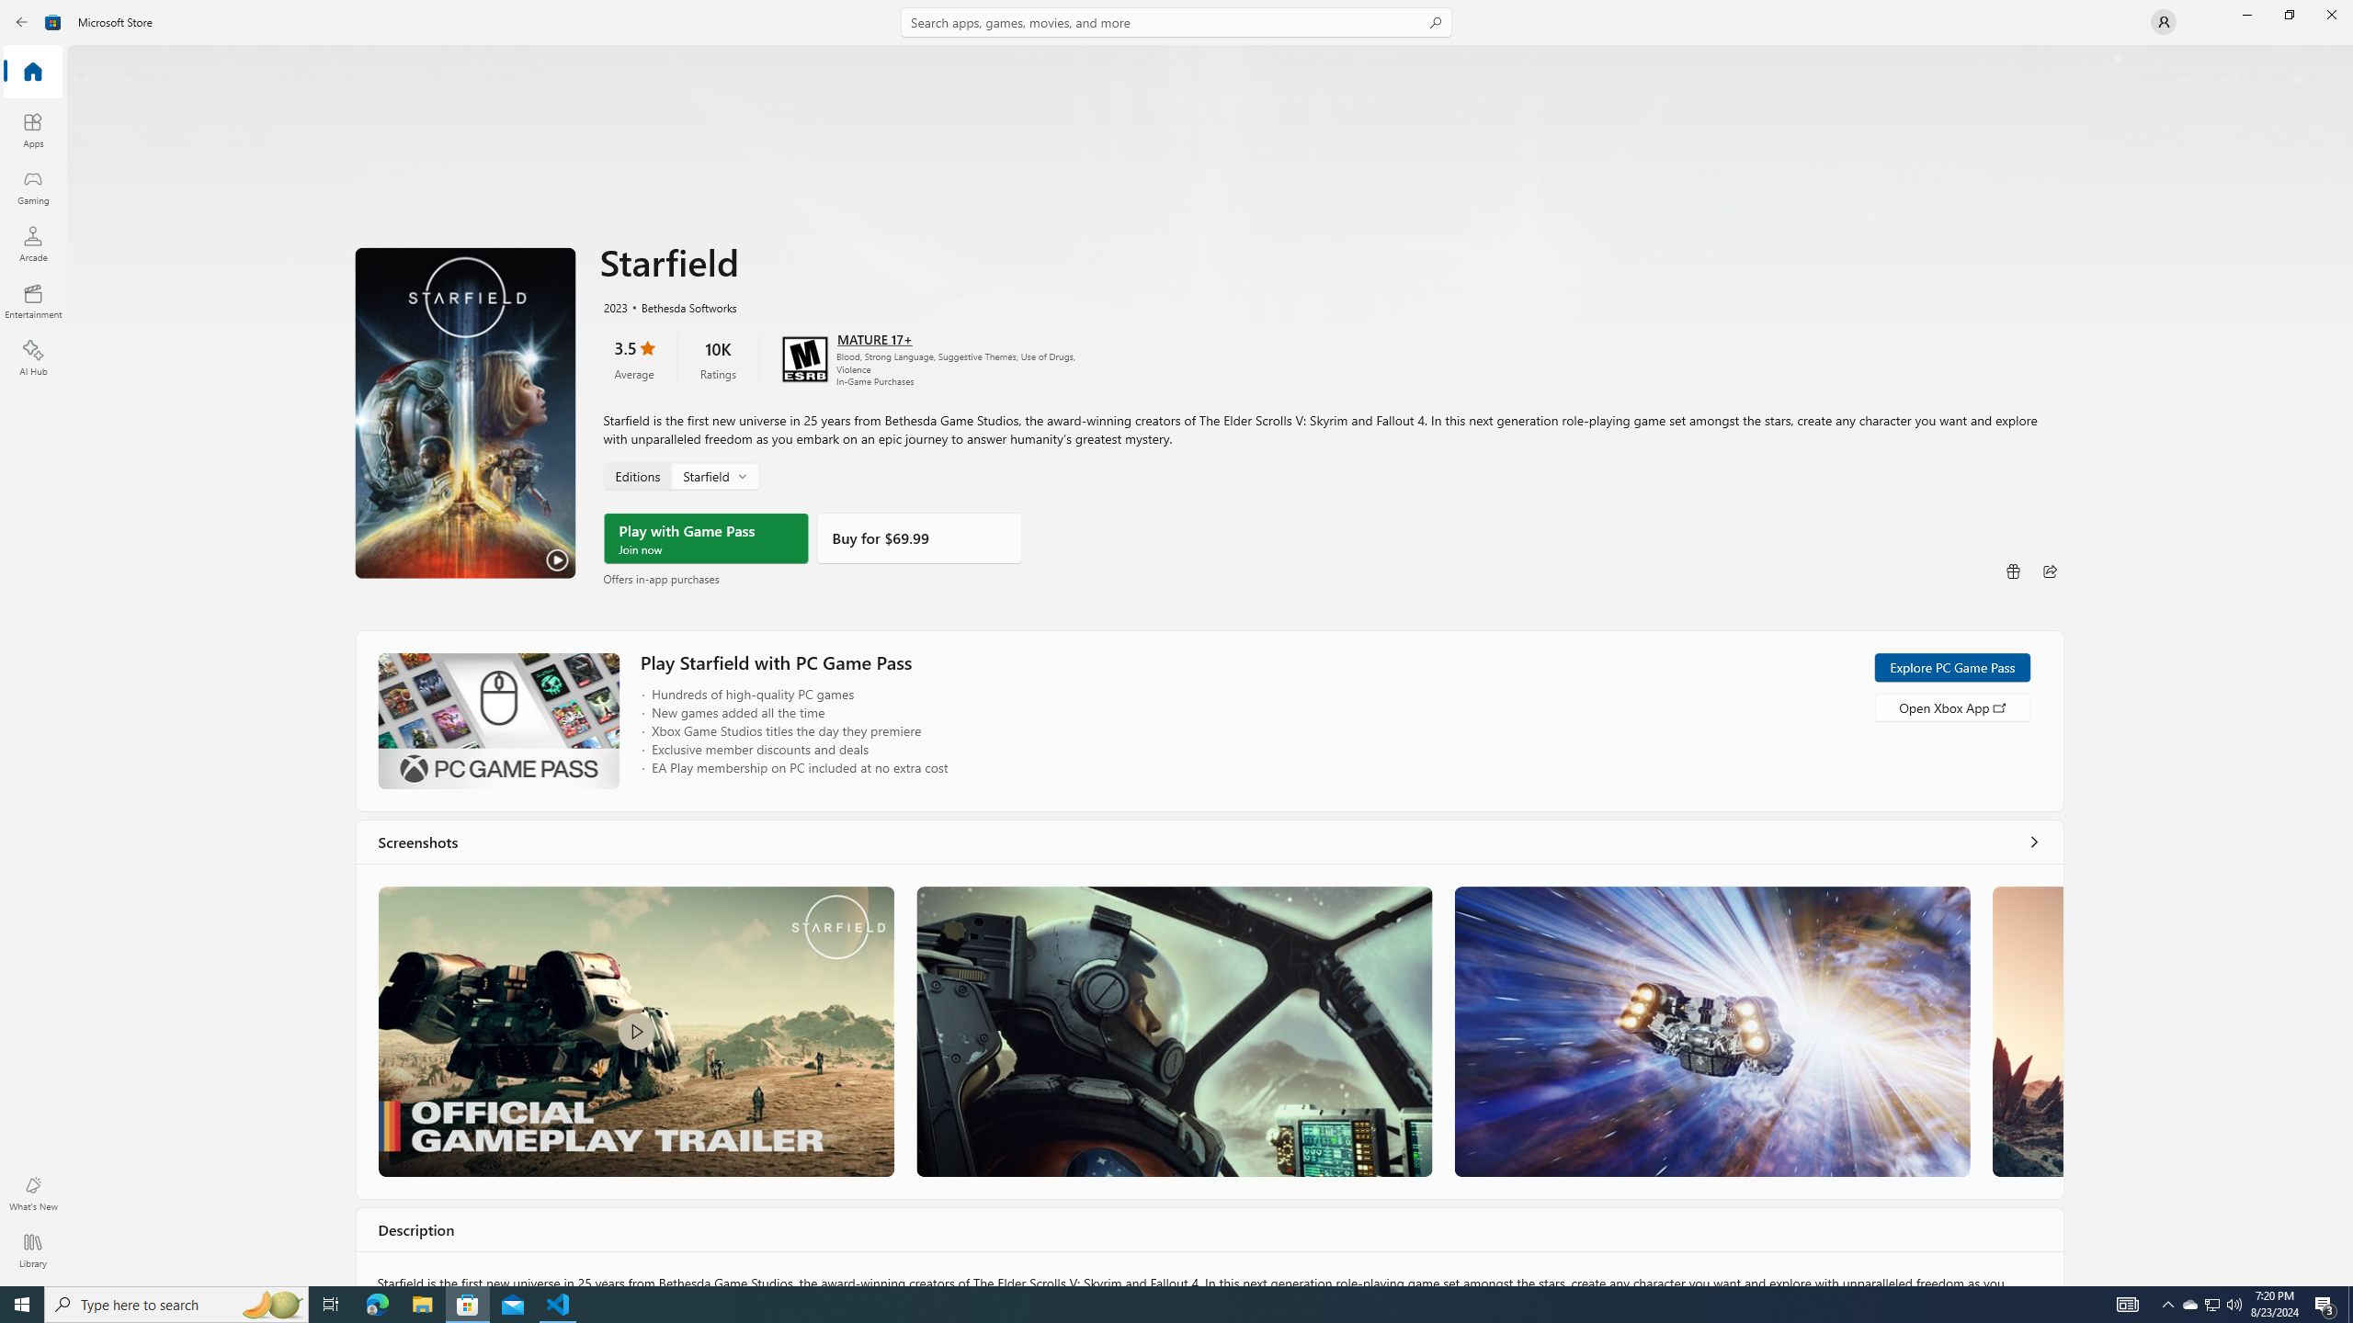 This screenshot has width=2353, height=1323. What do you see at coordinates (705, 537) in the screenshot?
I see `'Play with Game Pass'` at bounding box center [705, 537].